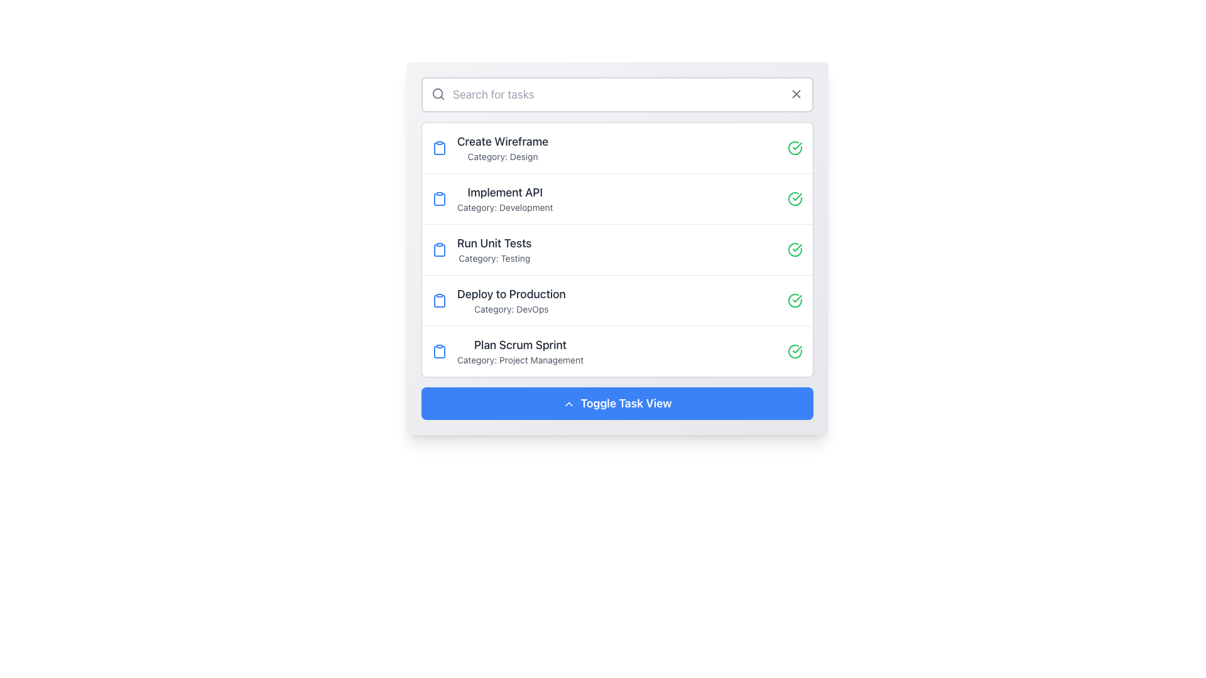 The image size is (1206, 678). What do you see at coordinates (503, 147) in the screenshot?
I see `the task item titled 'Create Wireframe'` at bounding box center [503, 147].